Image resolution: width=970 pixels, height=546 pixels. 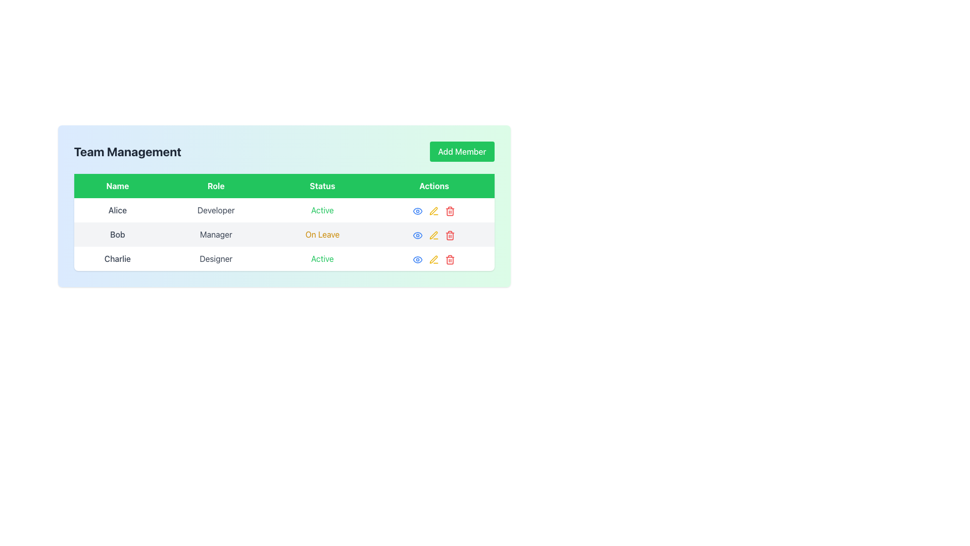 What do you see at coordinates (434, 186) in the screenshot?
I see `the text label displaying 'Actions' in bold white font on a green background, located in the top-right corner of the table header row` at bounding box center [434, 186].